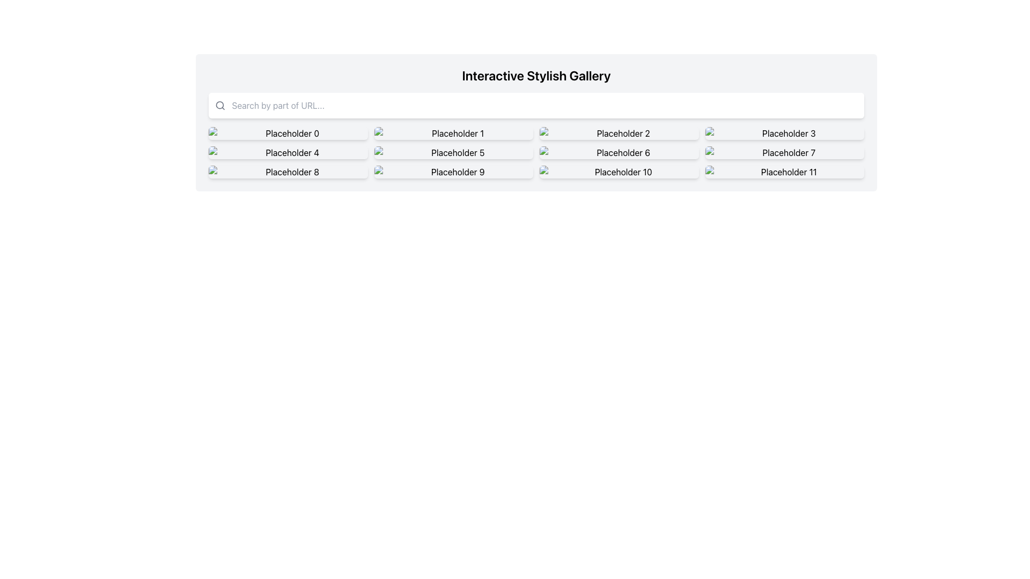 The image size is (1030, 579). Describe the element at coordinates (784, 133) in the screenshot. I see `the gallery item in the top row, fourth column` at that location.